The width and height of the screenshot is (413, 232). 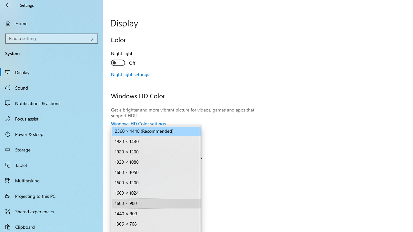 What do you see at coordinates (52, 211) in the screenshot?
I see `'Shared experiences'` at bounding box center [52, 211].